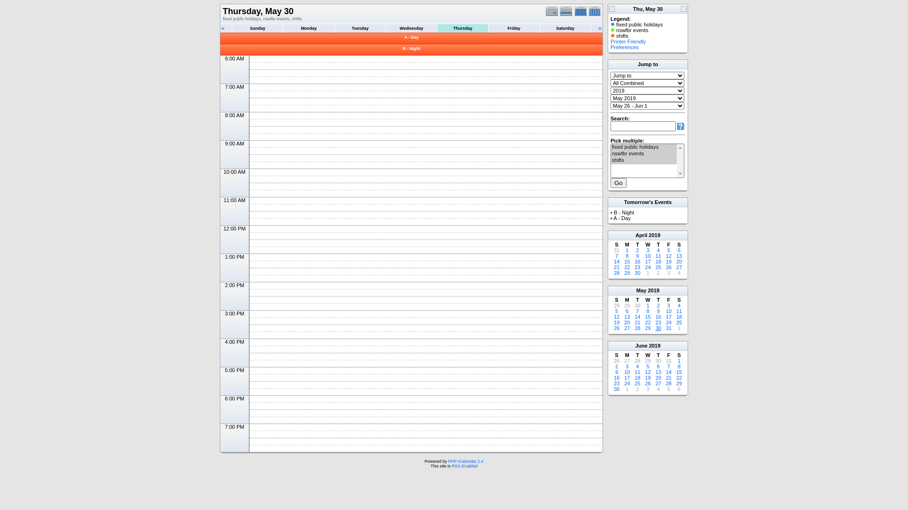 The image size is (908, 510). What do you see at coordinates (641, 346) in the screenshot?
I see `'June'` at bounding box center [641, 346].